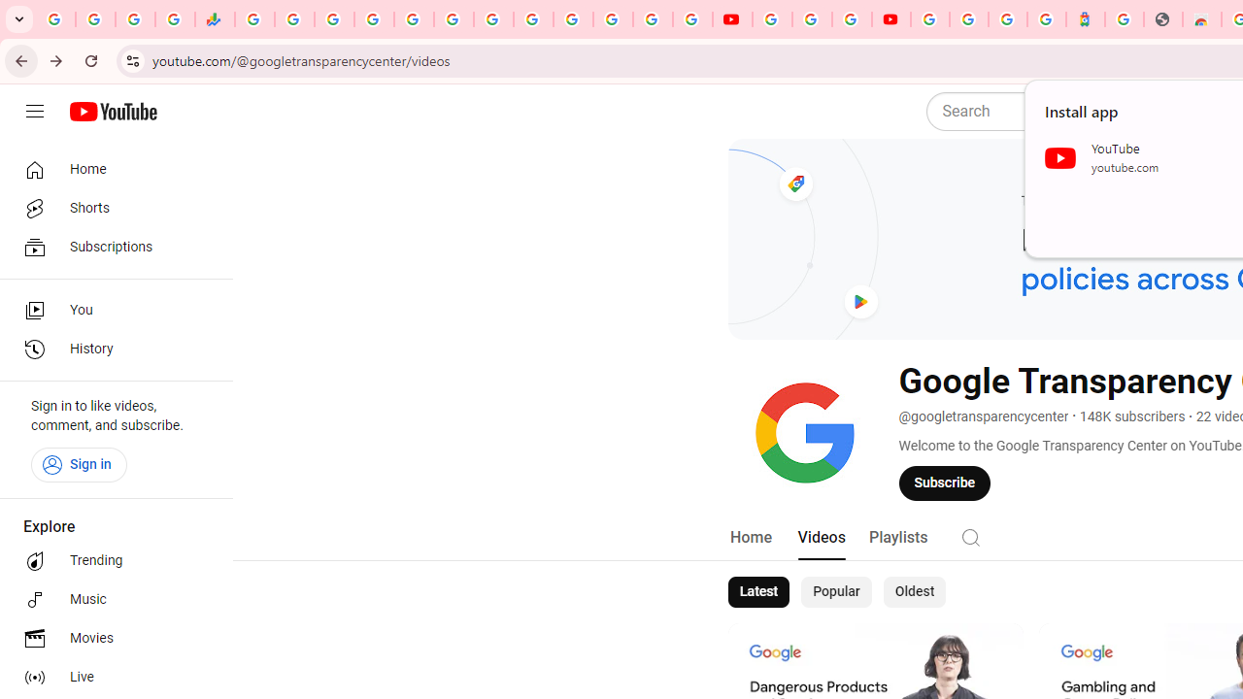 This screenshot has width=1243, height=699. Describe the element at coordinates (890, 19) in the screenshot. I see `'Content Creator Programs & Opportunities - YouTube Creators'` at that location.